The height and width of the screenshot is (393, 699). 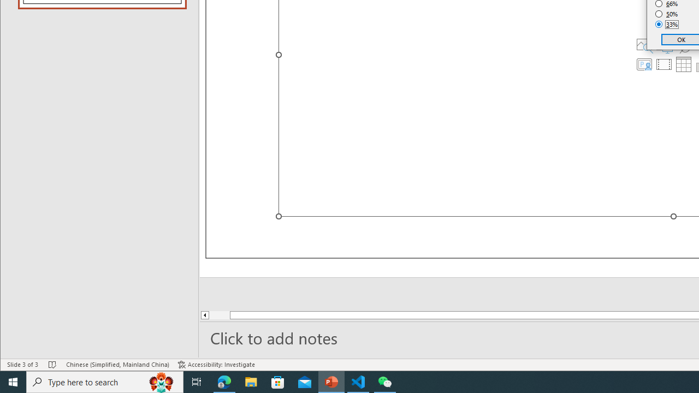 What do you see at coordinates (664, 64) in the screenshot?
I see `'Insert Video'` at bounding box center [664, 64].